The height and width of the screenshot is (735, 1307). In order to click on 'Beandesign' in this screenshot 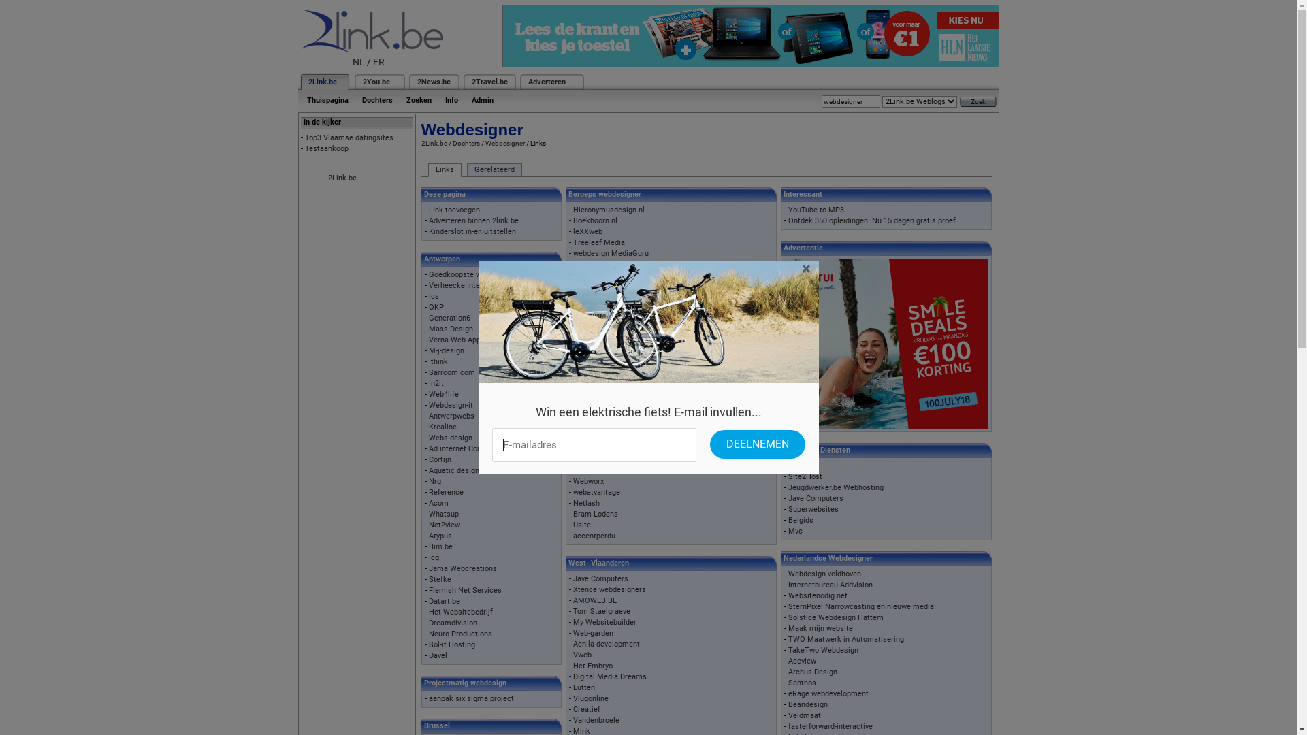, I will do `click(788, 704)`.